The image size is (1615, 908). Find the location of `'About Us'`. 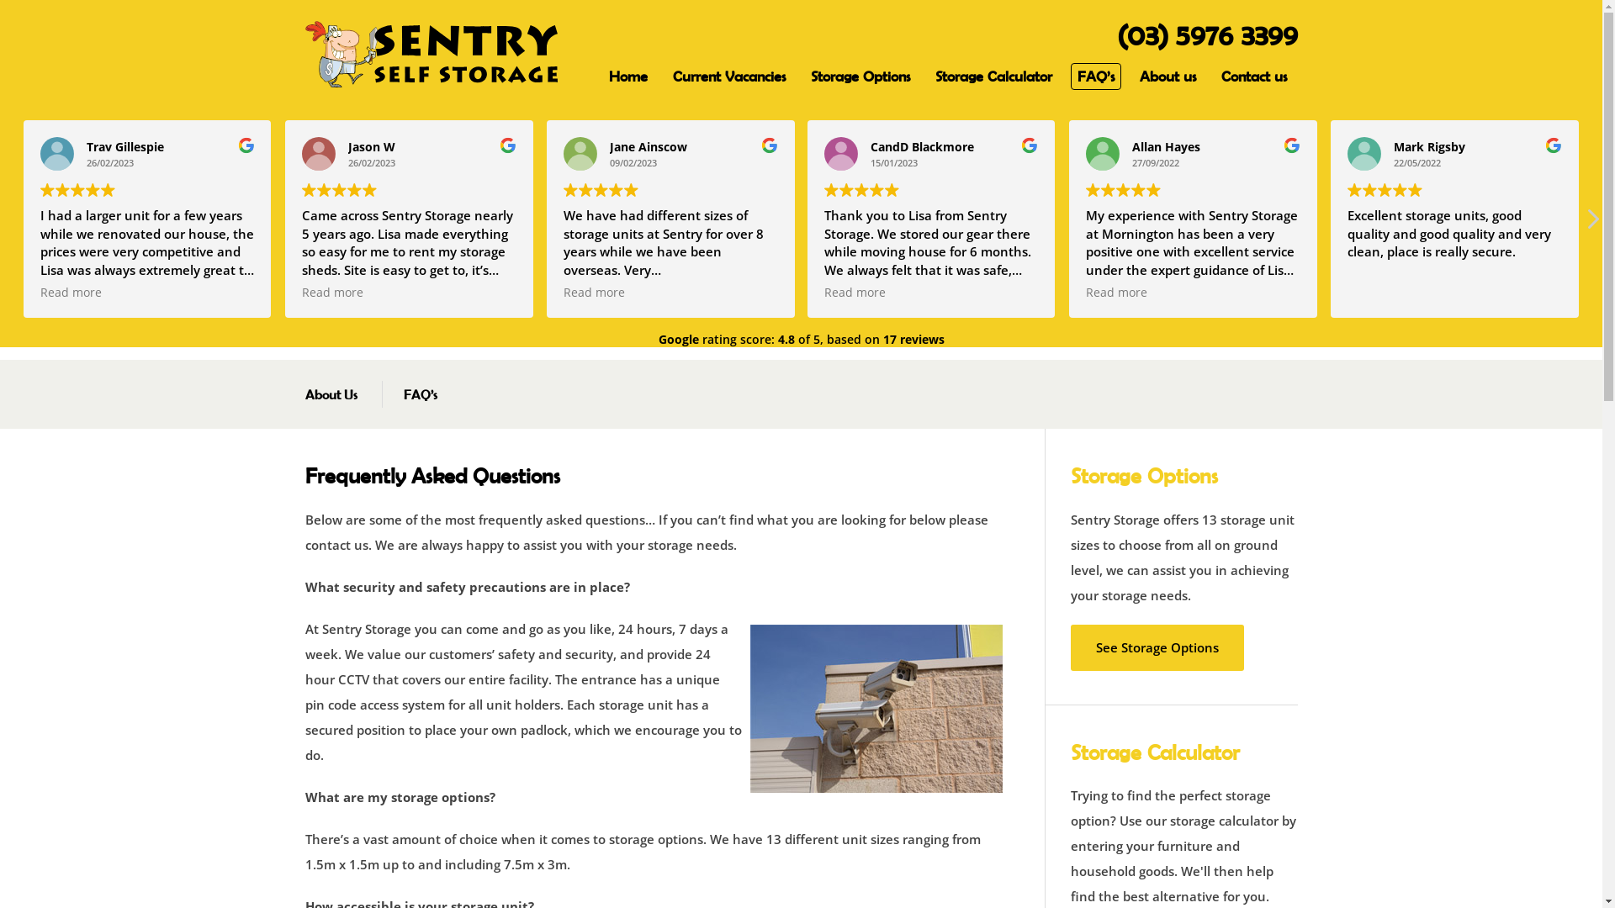

'About Us' is located at coordinates (331, 394).